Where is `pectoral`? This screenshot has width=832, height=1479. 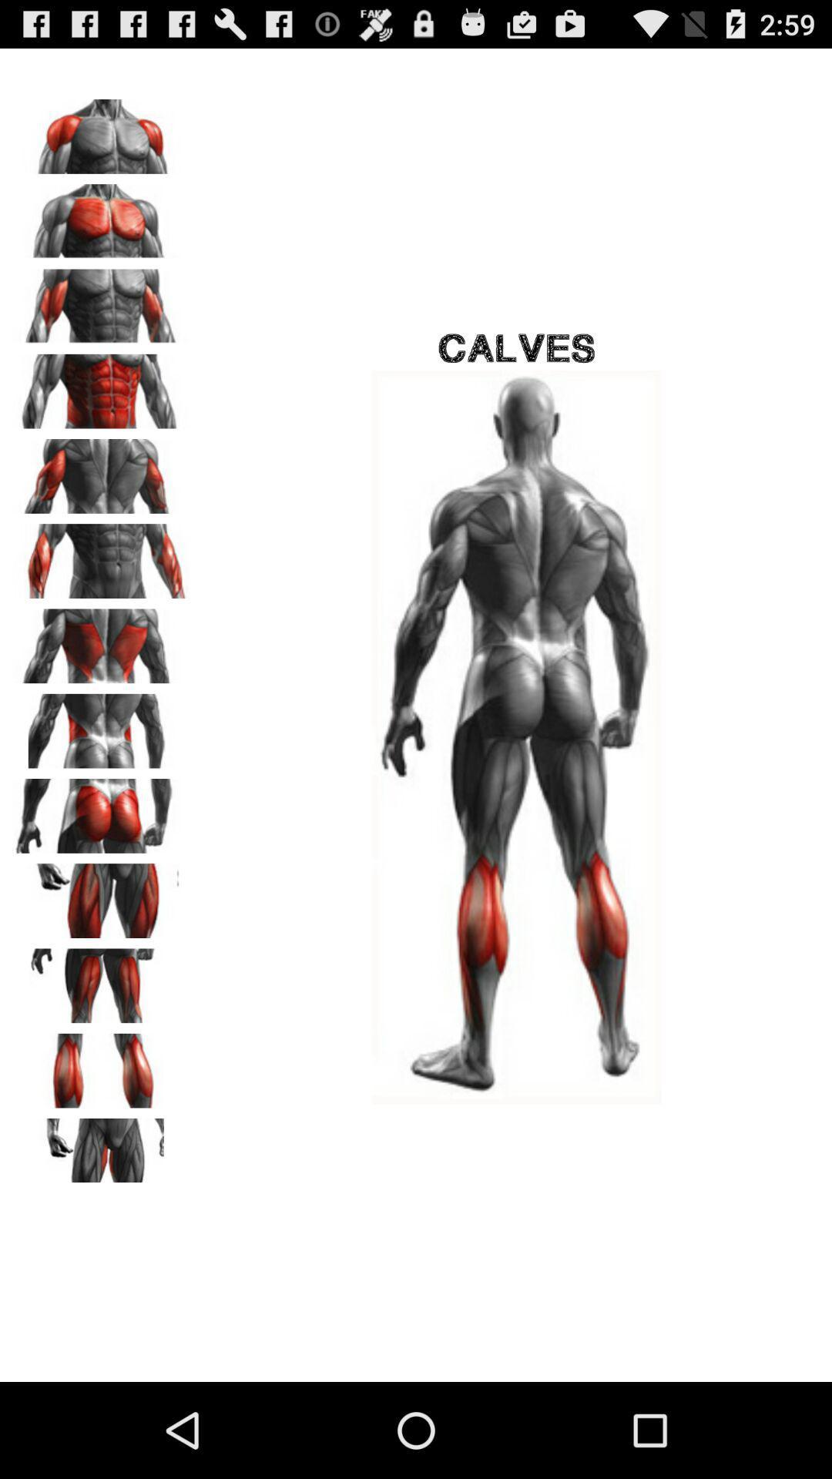
pectoral is located at coordinates (101, 215).